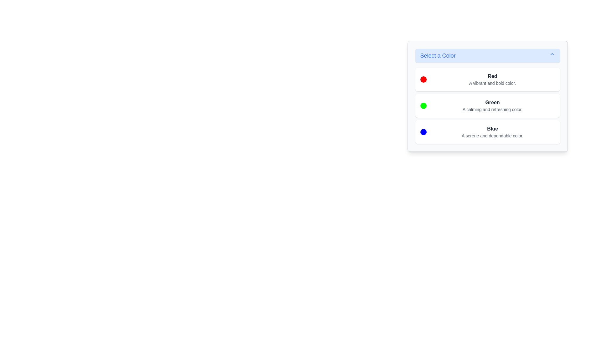  I want to click on the descriptive text about the color 'Blue', which is located directly beneath the 'Blue' label in the list of color options and is part of the third item in the list, so click(492, 136).